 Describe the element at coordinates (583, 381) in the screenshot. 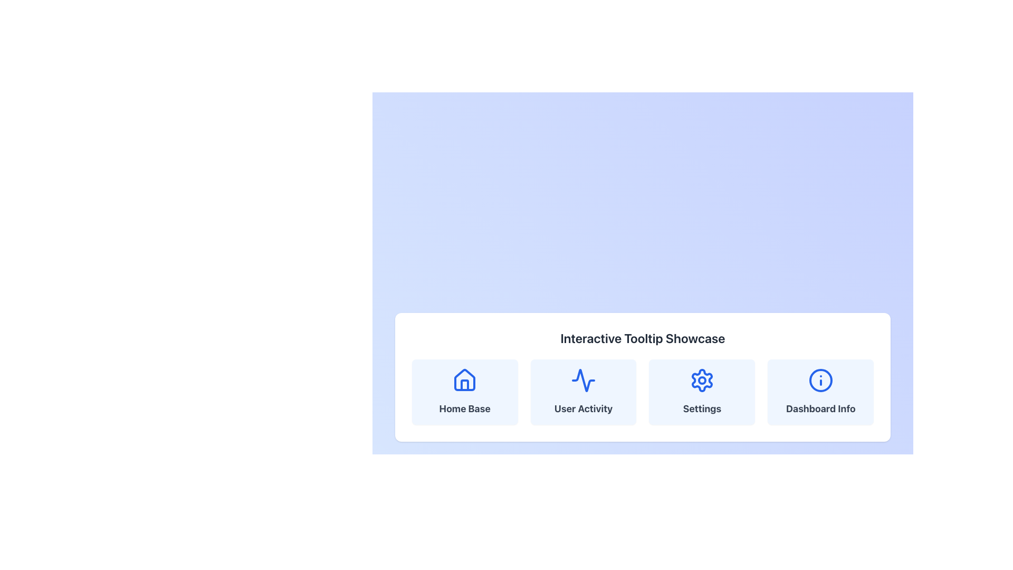

I see `the graphical representation of the activity graph icon located in the 'User Activity' card, which is the second card in a row of four cards` at that location.